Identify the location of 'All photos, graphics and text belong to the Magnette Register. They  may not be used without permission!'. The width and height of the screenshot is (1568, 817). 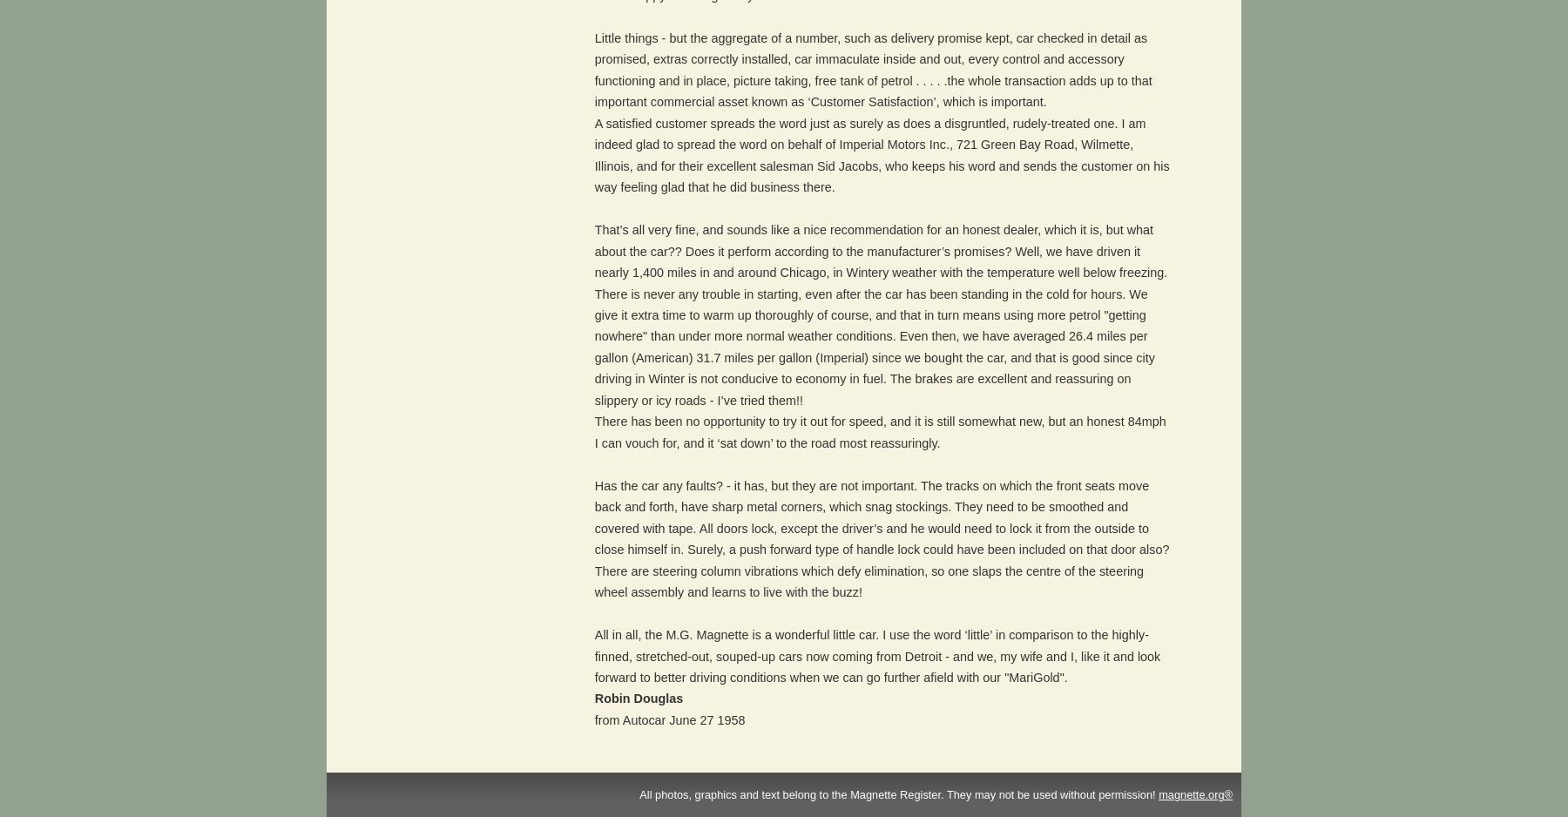
(898, 793).